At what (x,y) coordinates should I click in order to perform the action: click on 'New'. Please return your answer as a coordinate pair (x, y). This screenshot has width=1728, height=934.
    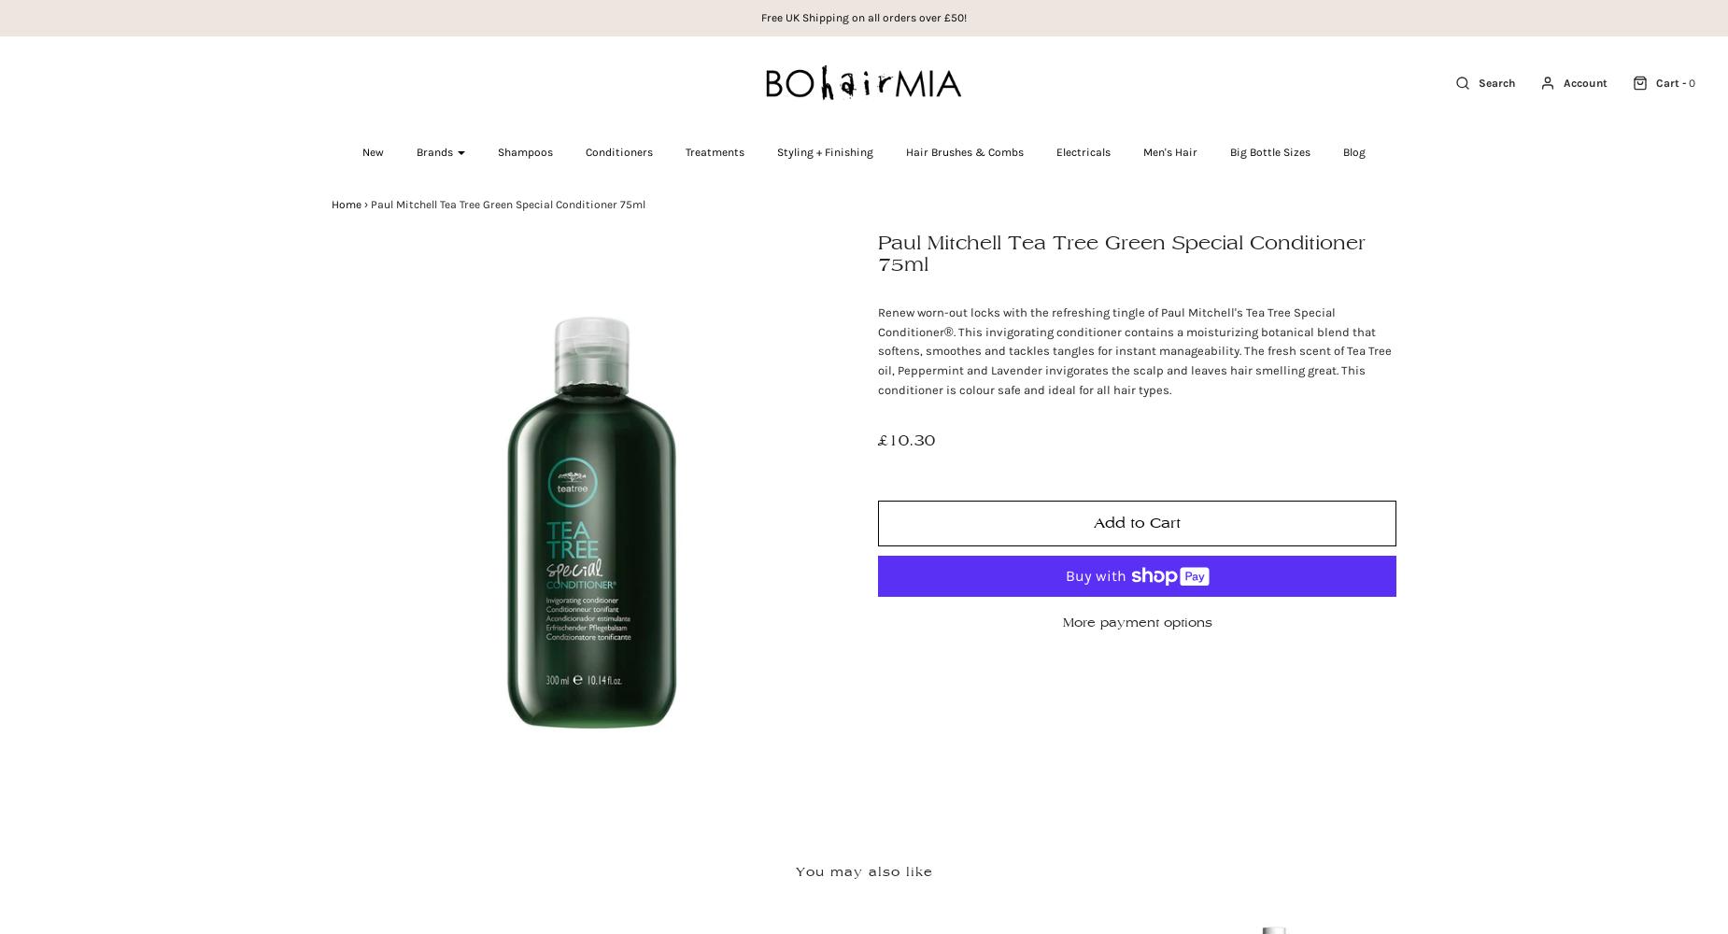
    Looking at the image, I should click on (372, 152).